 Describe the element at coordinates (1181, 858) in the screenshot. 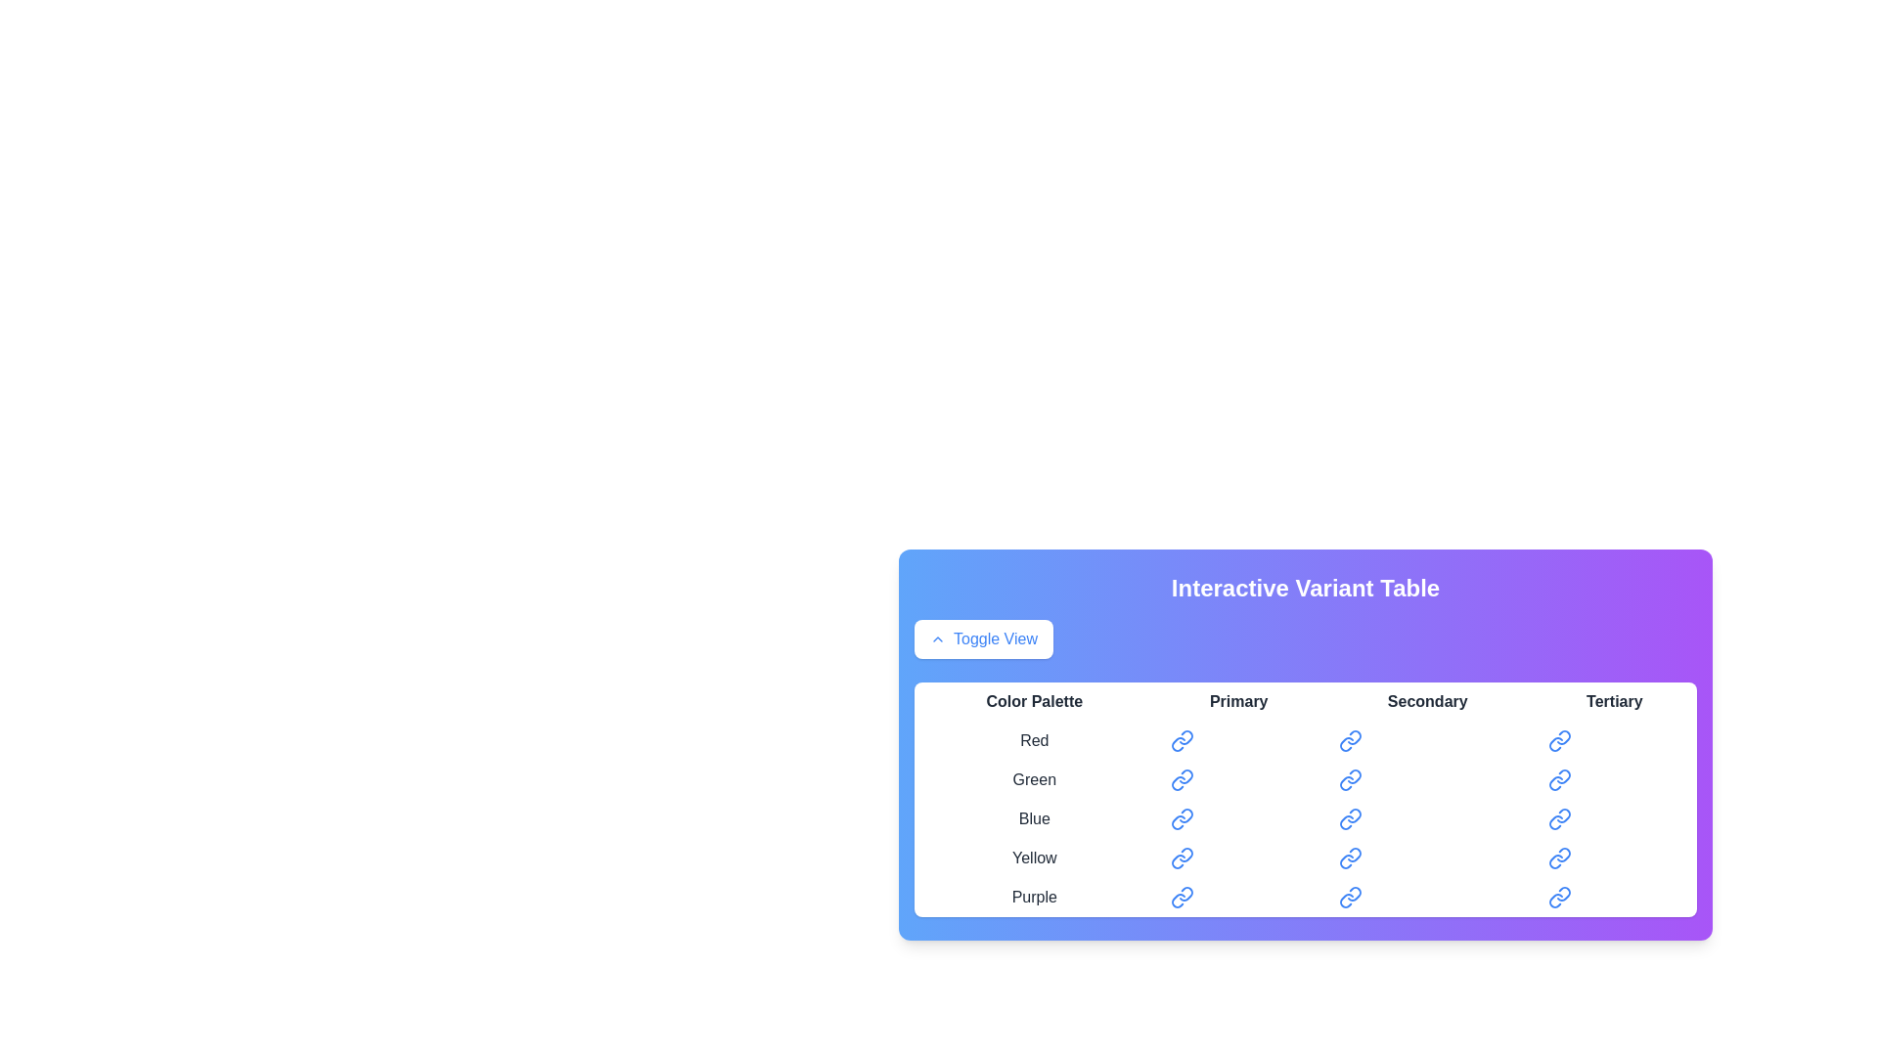

I see `the interactive icon representing the 'Primary - Yellow' item in the 'Interactive Variant Table'` at that location.